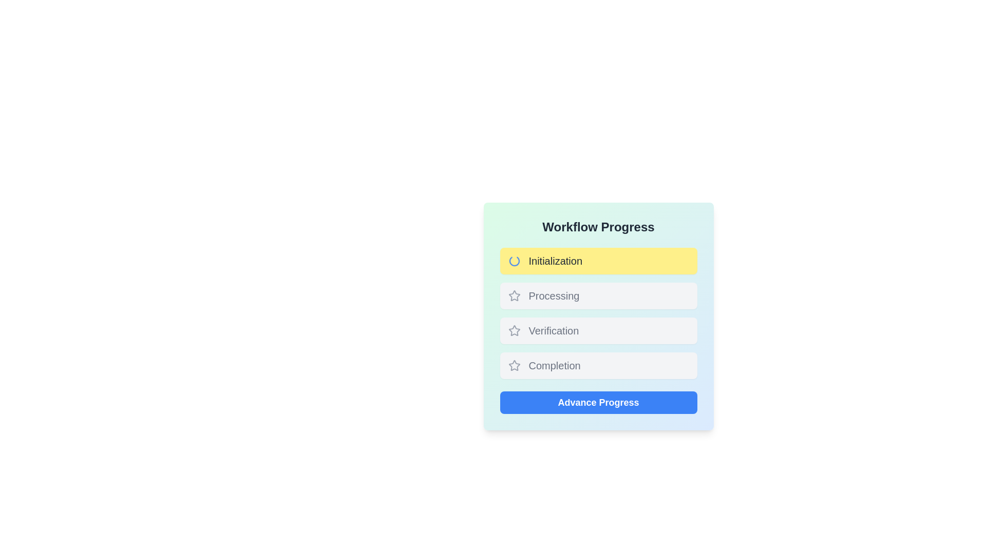  Describe the element at coordinates (514, 365) in the screenshot. I see `the 'Completion' icon in the workflow progress interface by moving the cursor to its center` at that location.